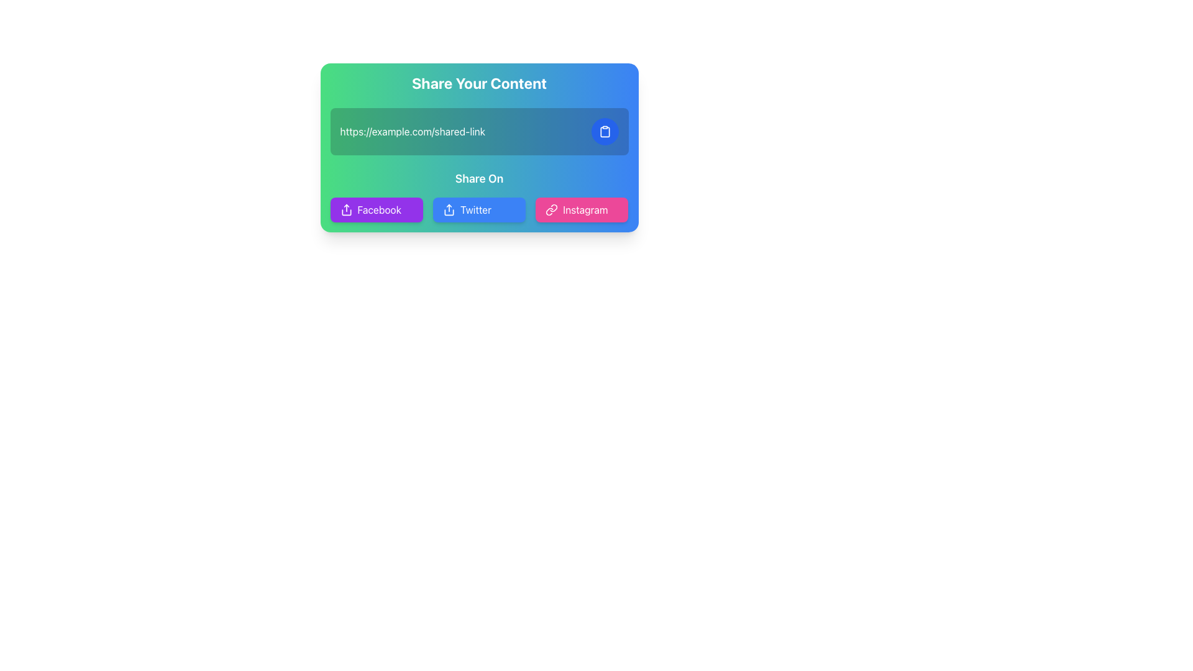 The height and width of the screenshot is (671, 1193). What do you see at coordinates (605, 132) in the screenshot?
I see `the rounded blue circular button in the top-right corner of the card that enables users to copy the displayed URL` at bounding box center [605, 132].